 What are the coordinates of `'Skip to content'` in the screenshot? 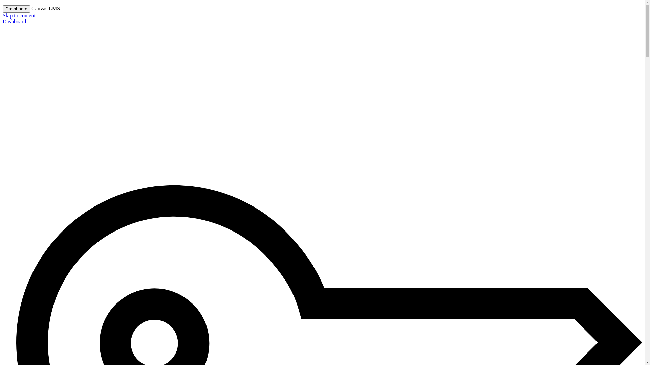 It's located at (19, 15).